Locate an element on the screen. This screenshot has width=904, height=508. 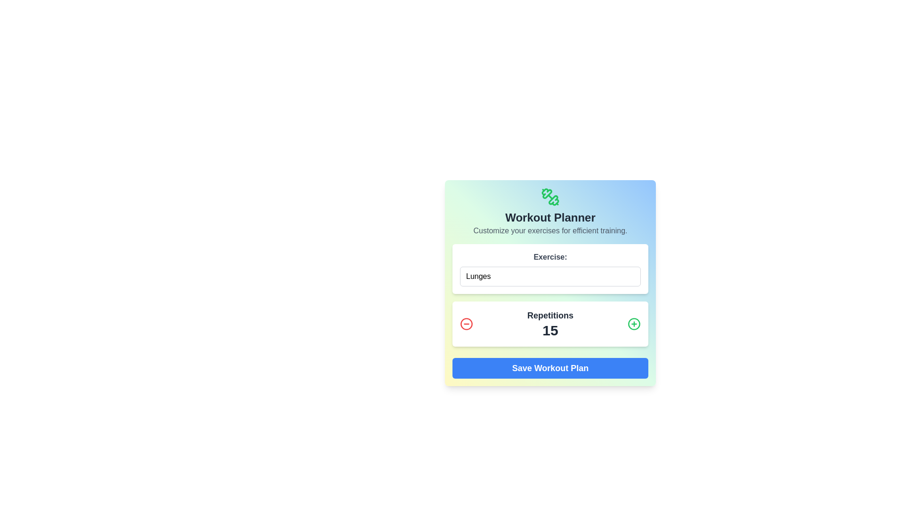
the green dumbbell icon at the top of the card interface, which represents fitness and workout planning is located at coordinates (550, 197).